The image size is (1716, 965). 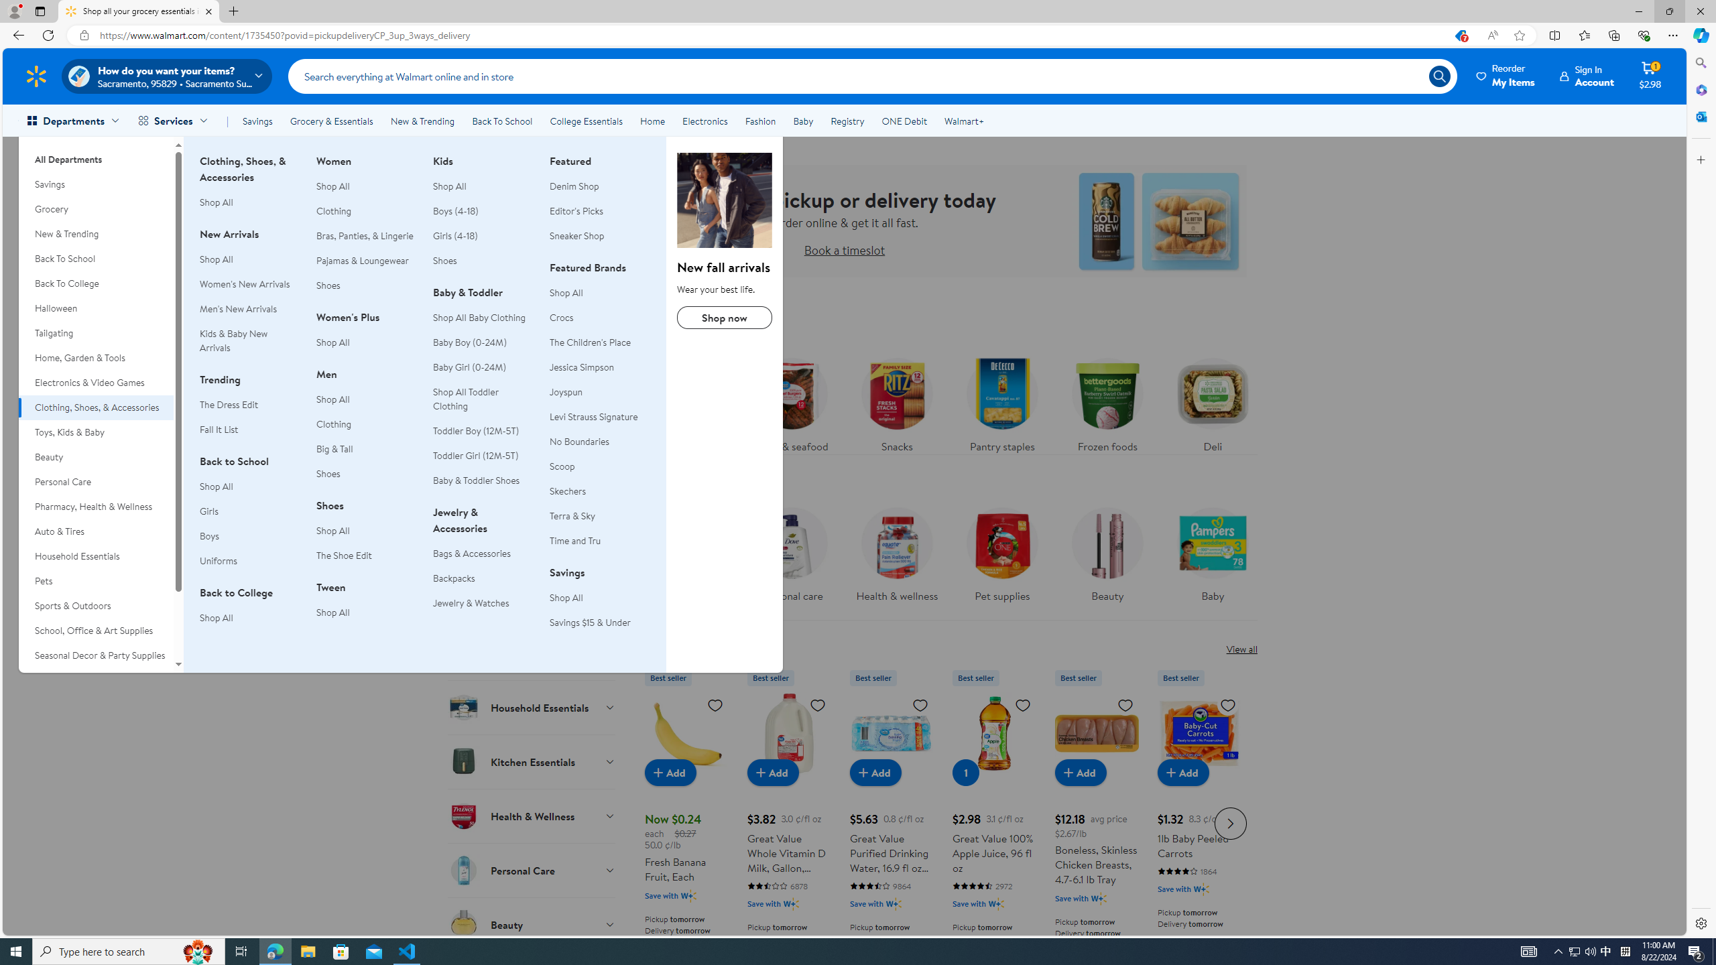 What do you see at coordinates (599, 342) in the screenshot?
I see `'The Children'` at bounding box center [599, 342].